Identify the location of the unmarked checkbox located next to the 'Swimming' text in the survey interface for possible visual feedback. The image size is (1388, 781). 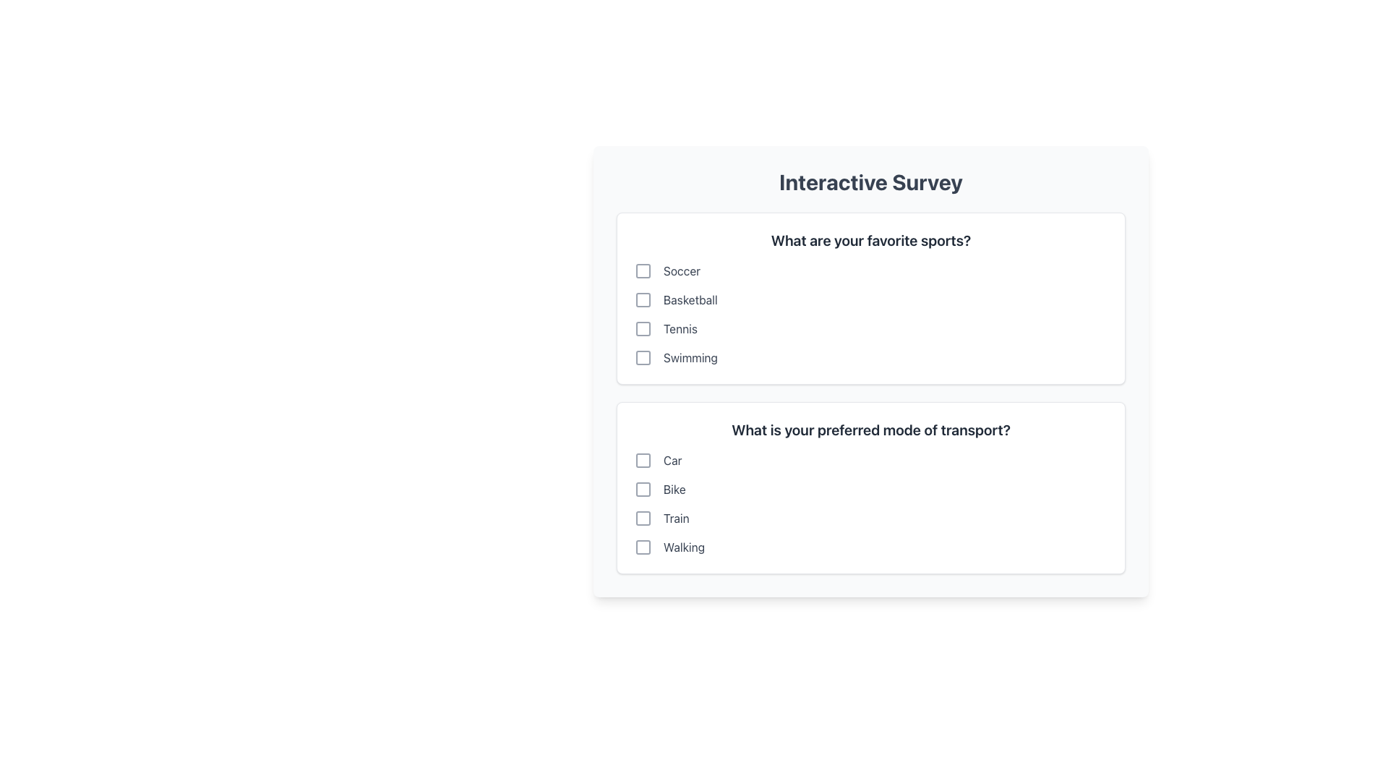
(642, 357).